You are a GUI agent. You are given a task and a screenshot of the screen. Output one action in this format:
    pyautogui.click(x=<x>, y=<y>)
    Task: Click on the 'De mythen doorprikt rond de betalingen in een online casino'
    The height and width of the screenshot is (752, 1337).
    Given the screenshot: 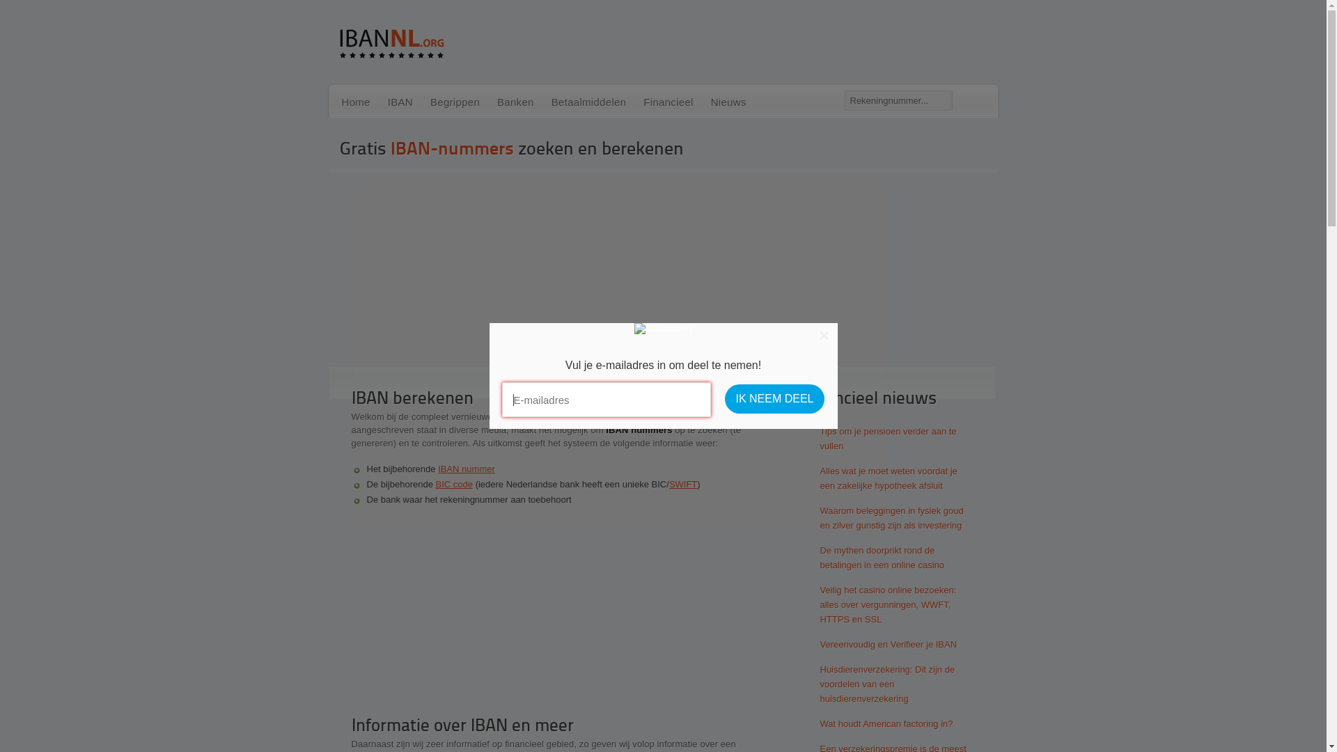 What is the action you would take?
    pyautogui.click(x=878, y=556)
    